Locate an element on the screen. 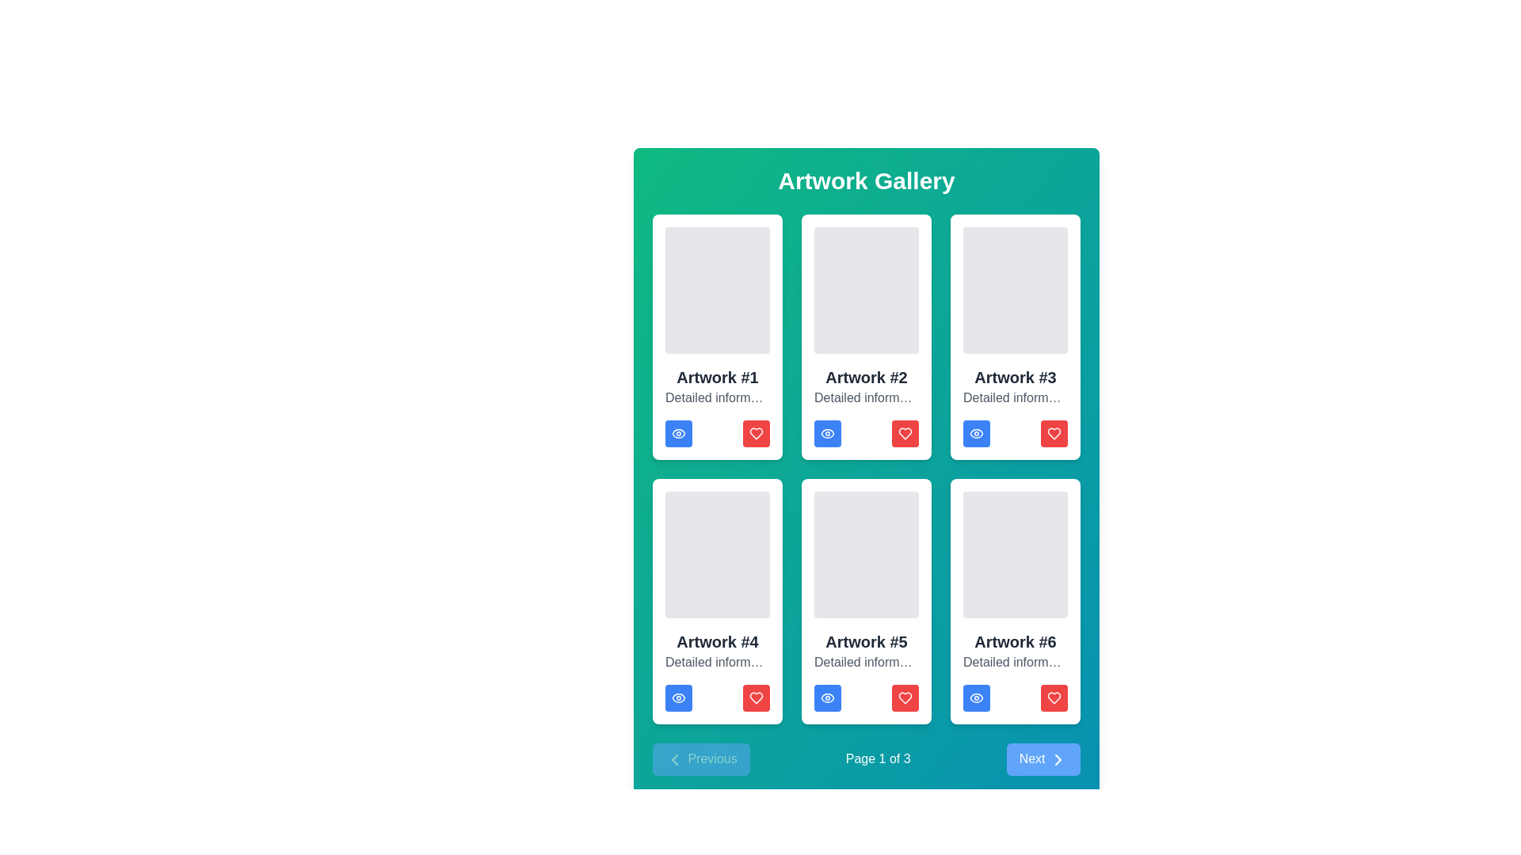  the eye-shaped icon embedded within the blue button beneath the card labeled 'Artwork #3' in the grid layout is located at coordinates (976, 433).